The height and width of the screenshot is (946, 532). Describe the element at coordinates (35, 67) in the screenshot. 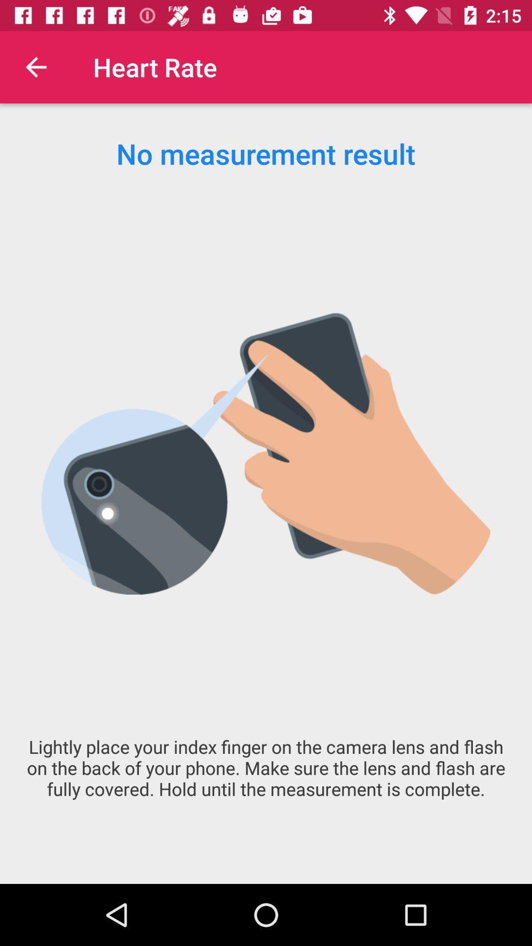

I see `item next to the heart rate` at that location.